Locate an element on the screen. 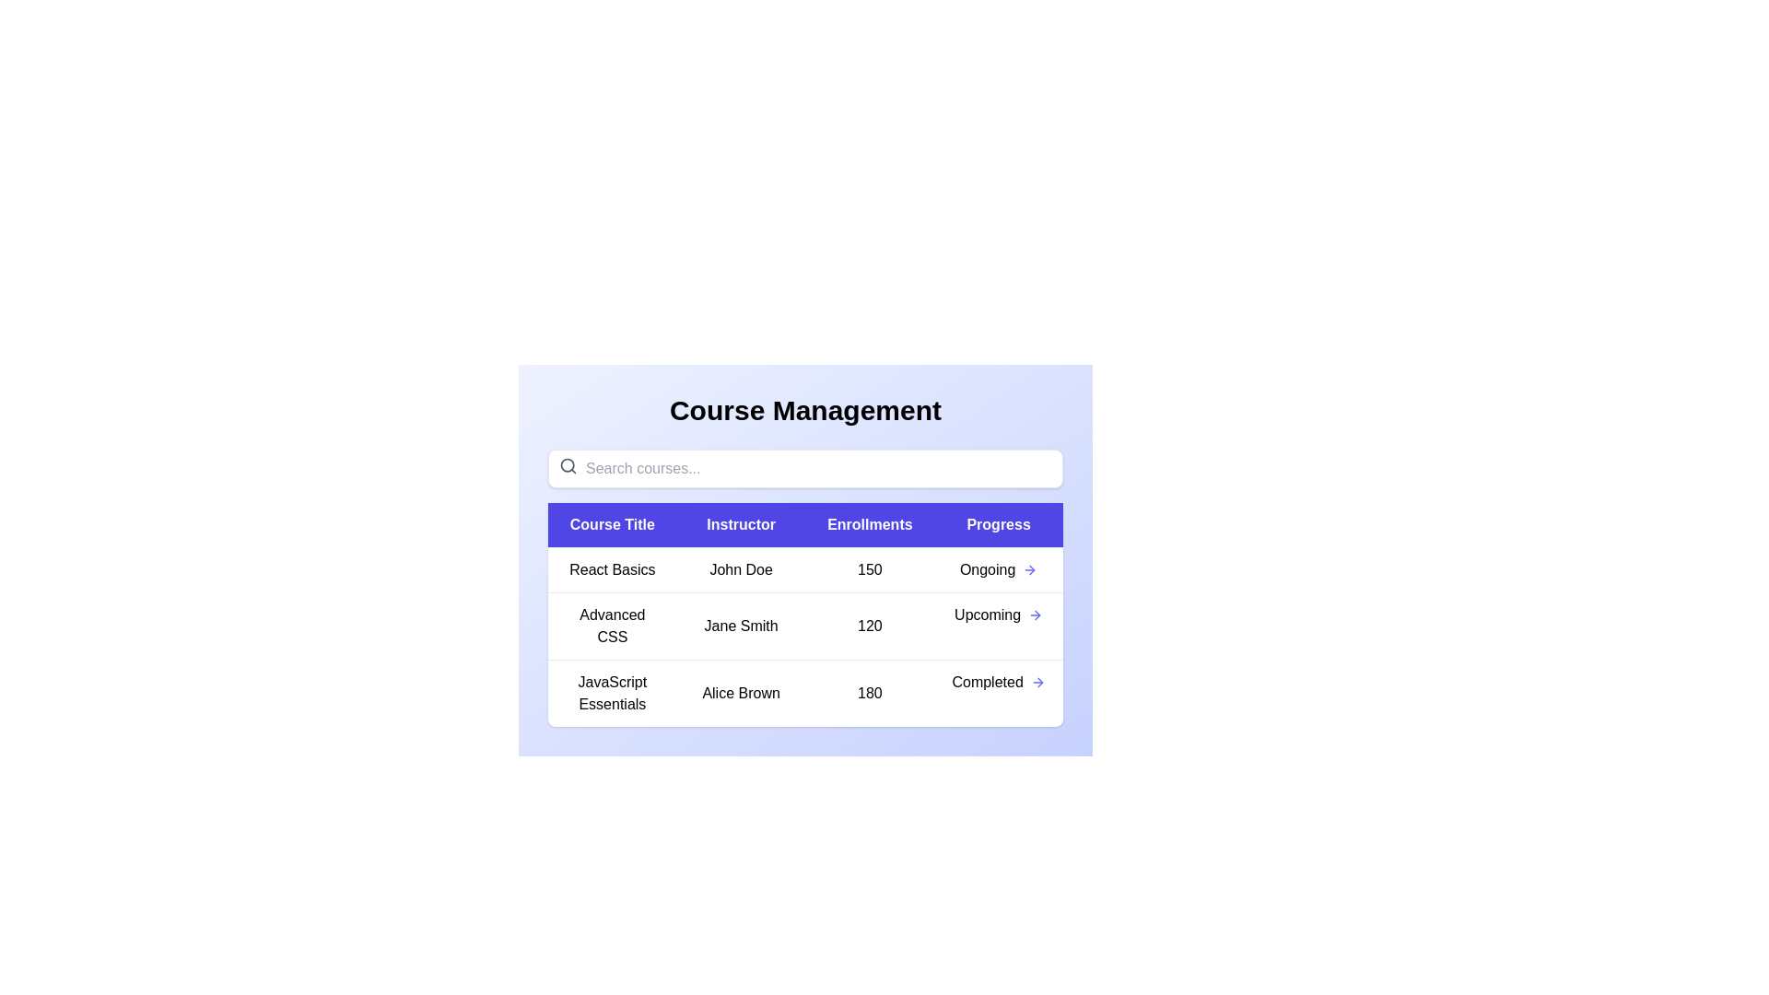 The image size is (1769, 995). the progress indicator for the course titled 'Advanced CSS' is located at coordinates (998, 625).